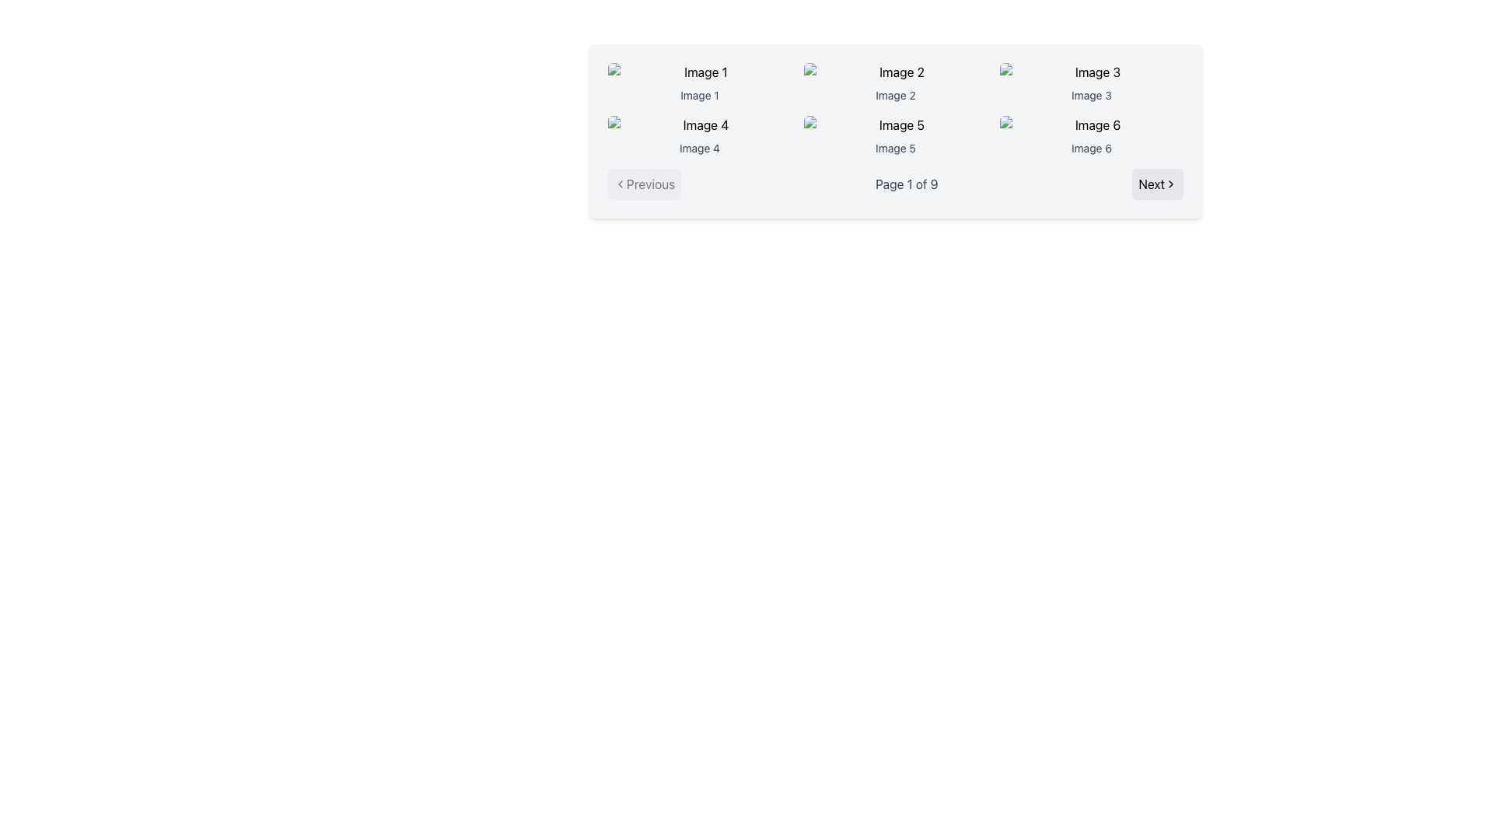  Describe the element at coordinates (896, 72) in the screenshot. I see `the Image Placeholder, which is the second item in the top row of the gallery` at that location.